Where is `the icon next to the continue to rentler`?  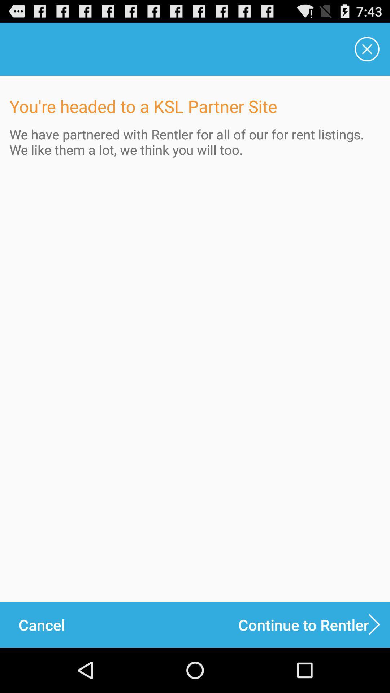
the icon next to the continue to rentler is located at coordinates (42, 624).